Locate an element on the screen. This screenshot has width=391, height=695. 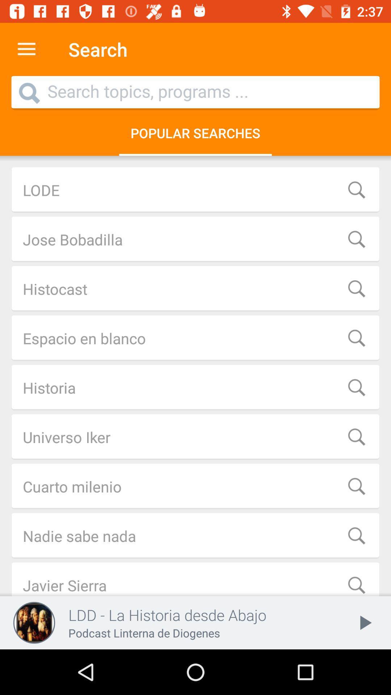
jose bobadilla item is located at coordinates (195, 239).